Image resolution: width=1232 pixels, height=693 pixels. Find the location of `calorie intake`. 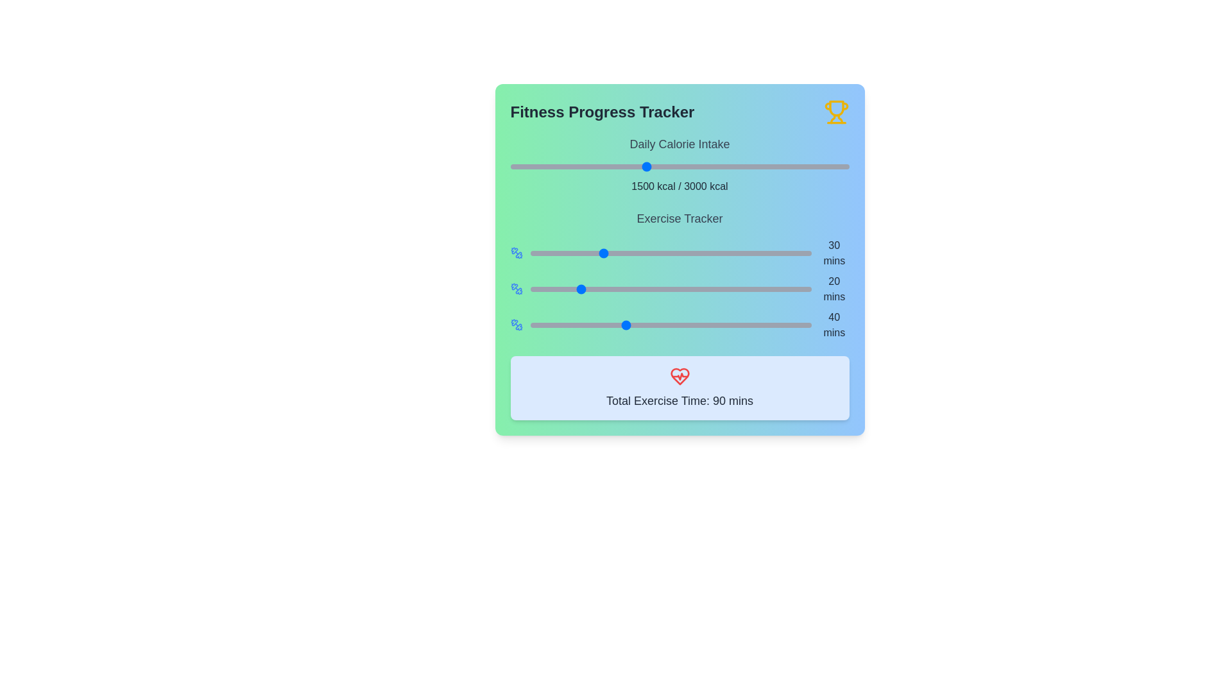

calorie intake is located at coordinates (548, 166).